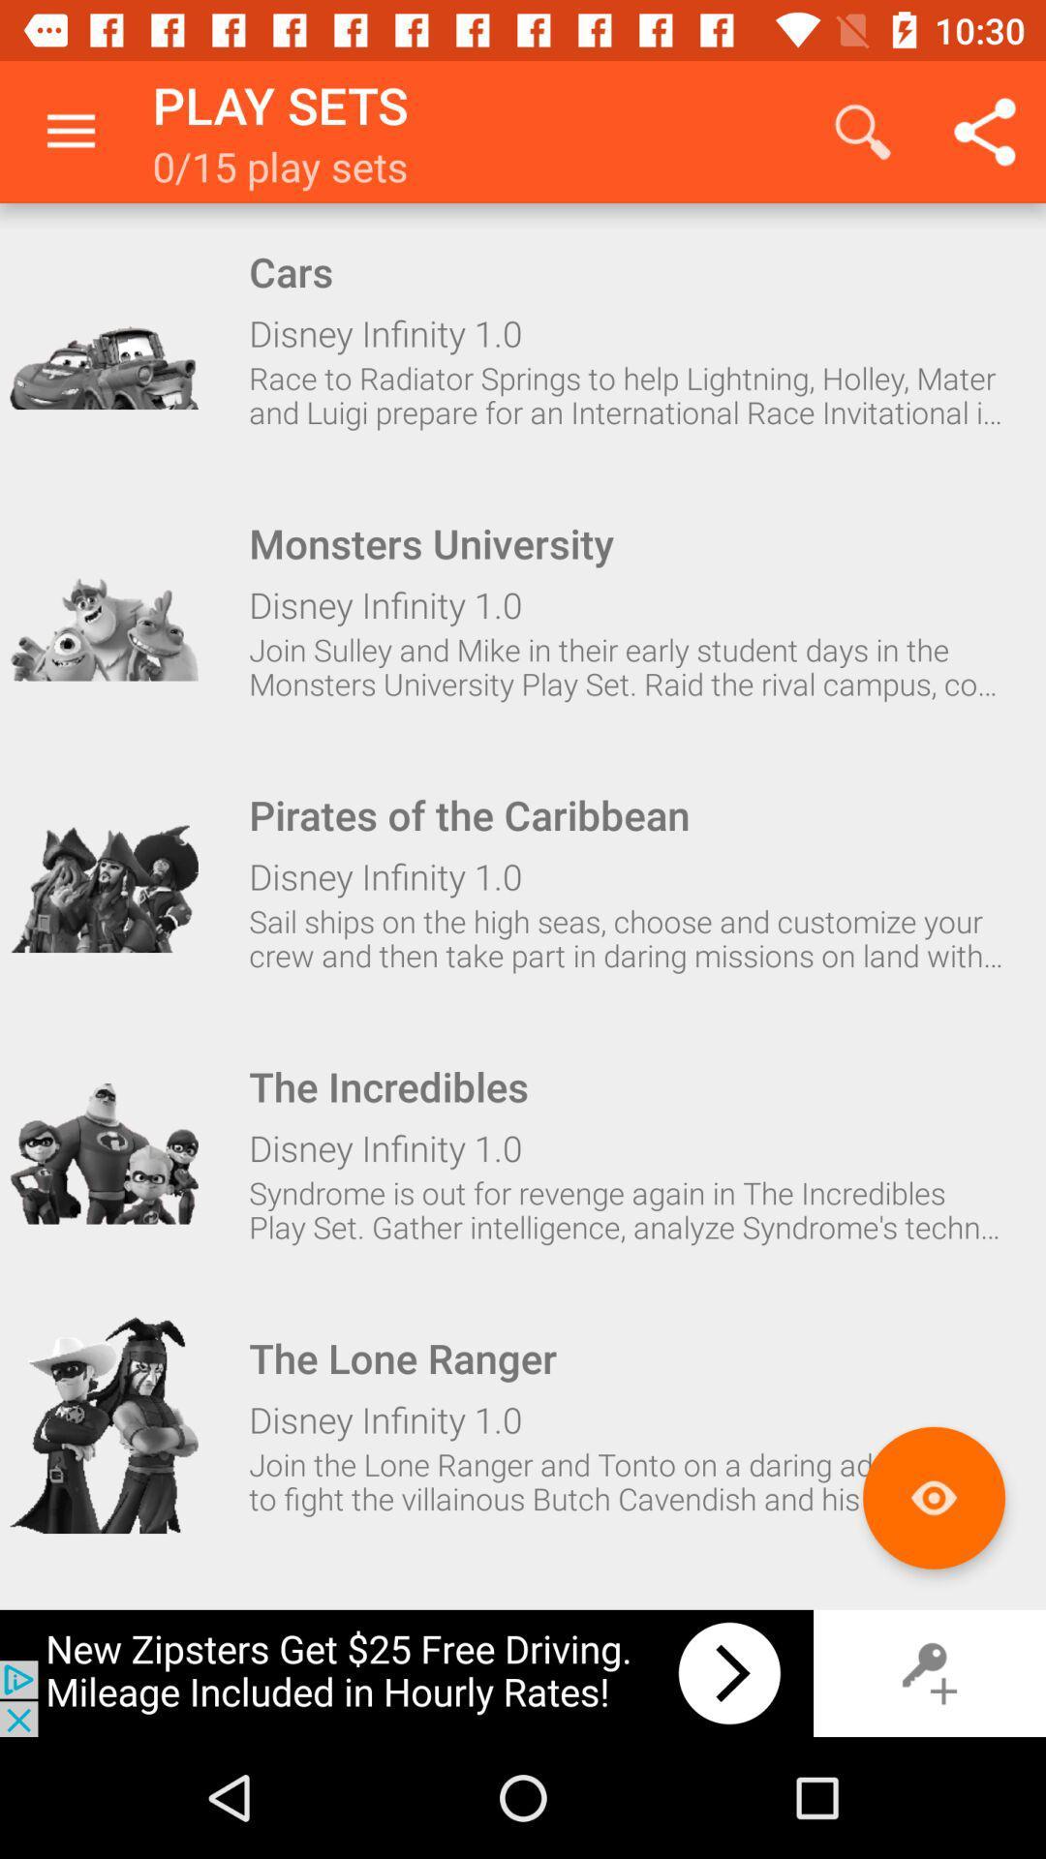  What do you see at coordinates (104, 881) in the screenshot?
I see `choose this` at bounding box center [104, 881].